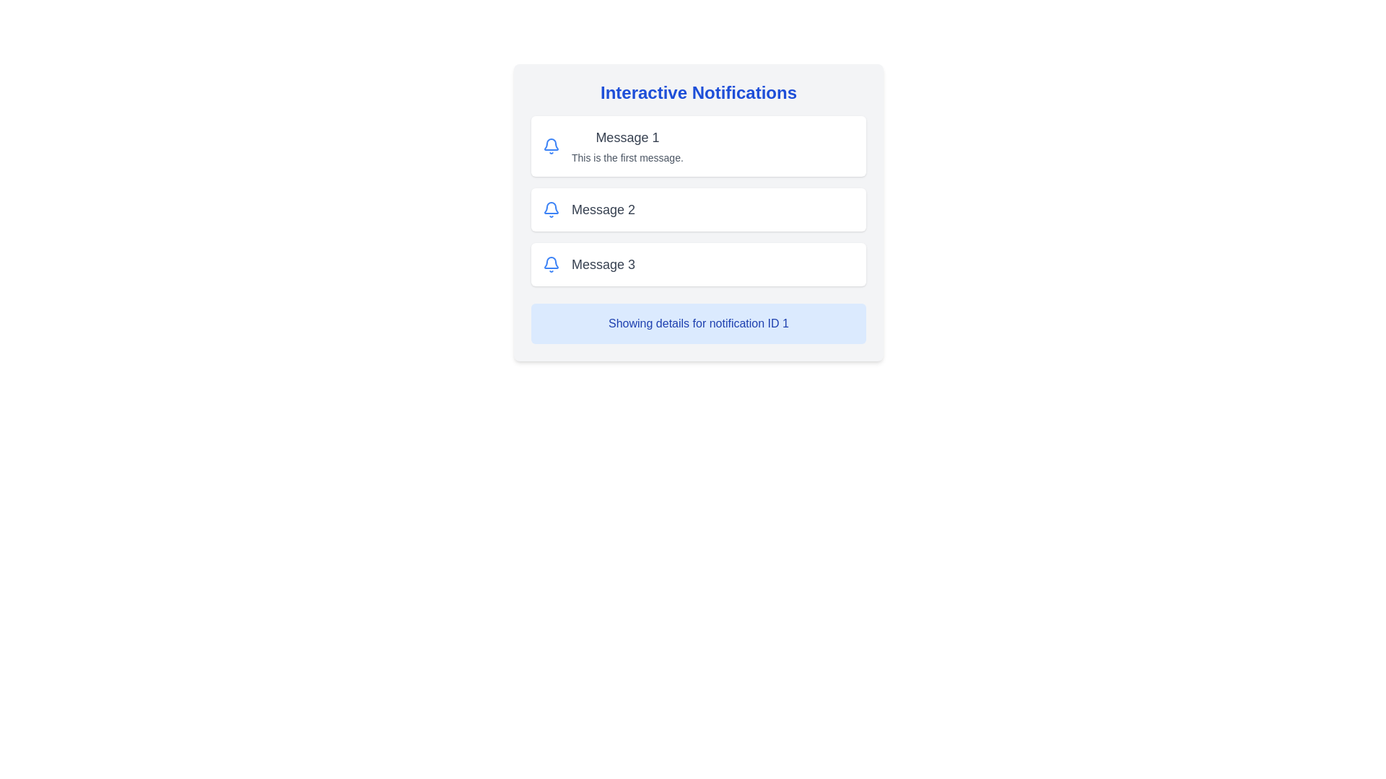 The height and width of the screenshot is (779, 1386). Describe the element at coordinates (603, 264) in the screenshot. I see `the Text Label indicating 'Message 3', which is the third item in the notification list located to the right of the blue bell icon` at that location.